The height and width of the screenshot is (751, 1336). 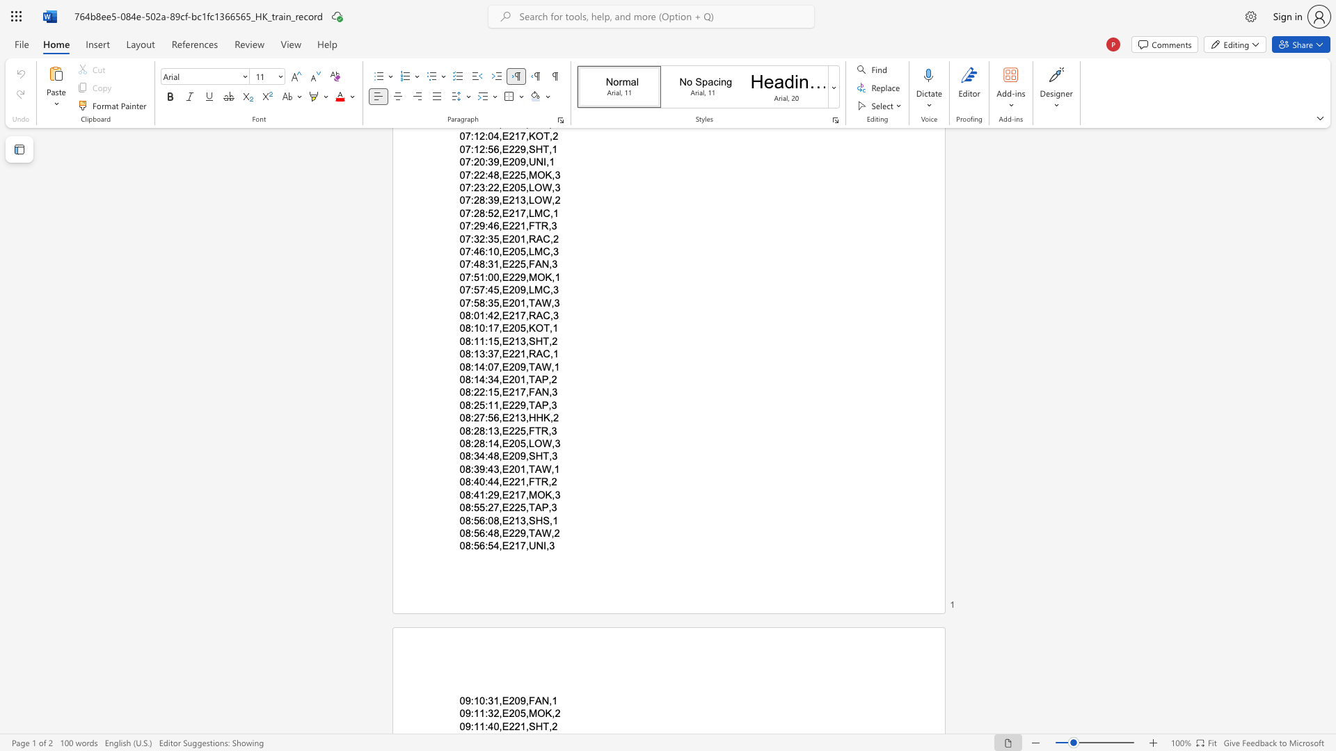 I want to click on the subset text "08:" within the text "08:34:48,E209,SHT,3", so click(x=459, y=456).